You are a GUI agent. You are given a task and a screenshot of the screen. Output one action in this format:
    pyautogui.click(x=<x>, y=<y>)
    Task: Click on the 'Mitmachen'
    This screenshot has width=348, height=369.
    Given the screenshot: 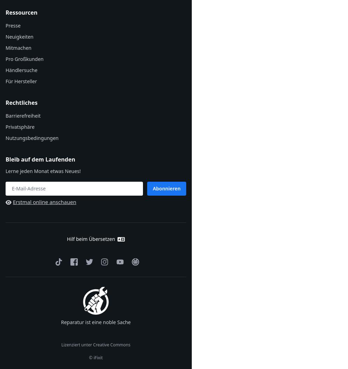 What is the action you would take?
    pyautogui.click(x=18, y=47)
    